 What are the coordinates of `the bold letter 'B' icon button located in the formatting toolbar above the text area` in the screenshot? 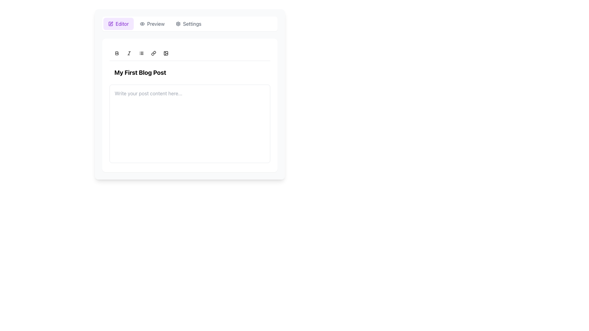 It's located at (117, 53).